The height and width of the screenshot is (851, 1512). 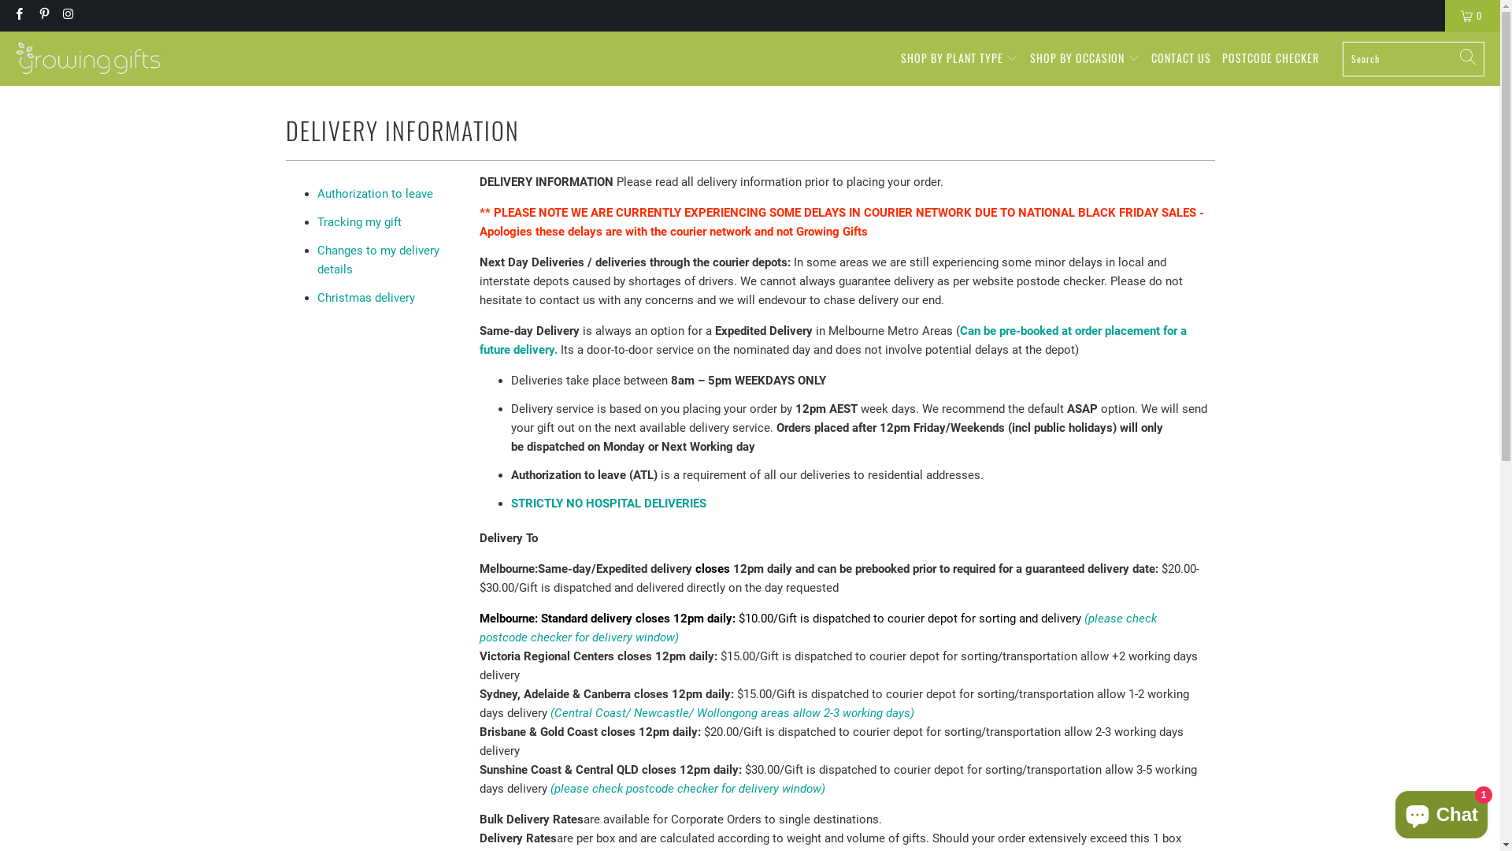 What do you see at coordinates (67, 15) in the screenshot?
I see `'Growing Gifts on Instagram'` at bounding box center [67, 15].